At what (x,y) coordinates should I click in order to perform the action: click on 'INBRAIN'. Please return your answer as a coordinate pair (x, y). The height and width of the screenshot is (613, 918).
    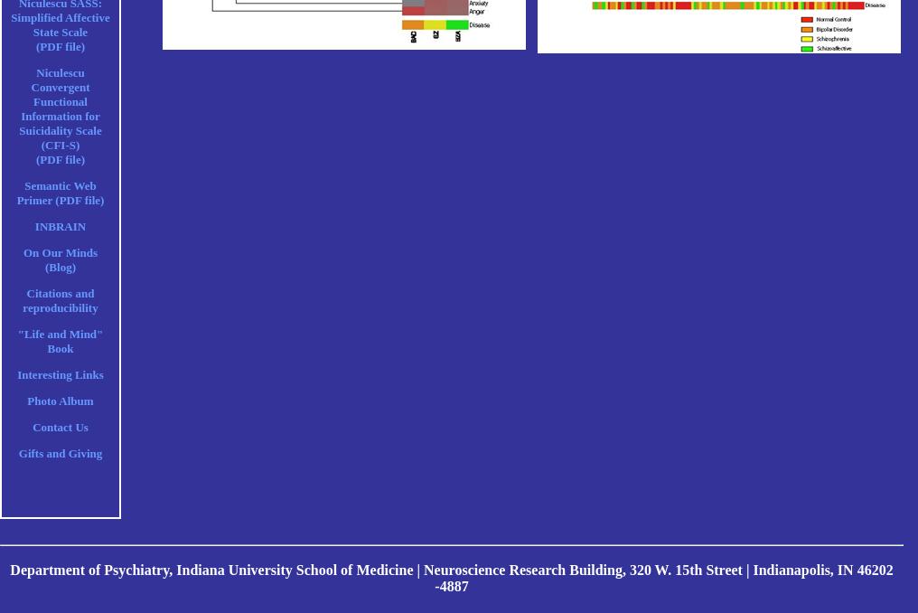
    Looking at the image, I should click on (60, 225).